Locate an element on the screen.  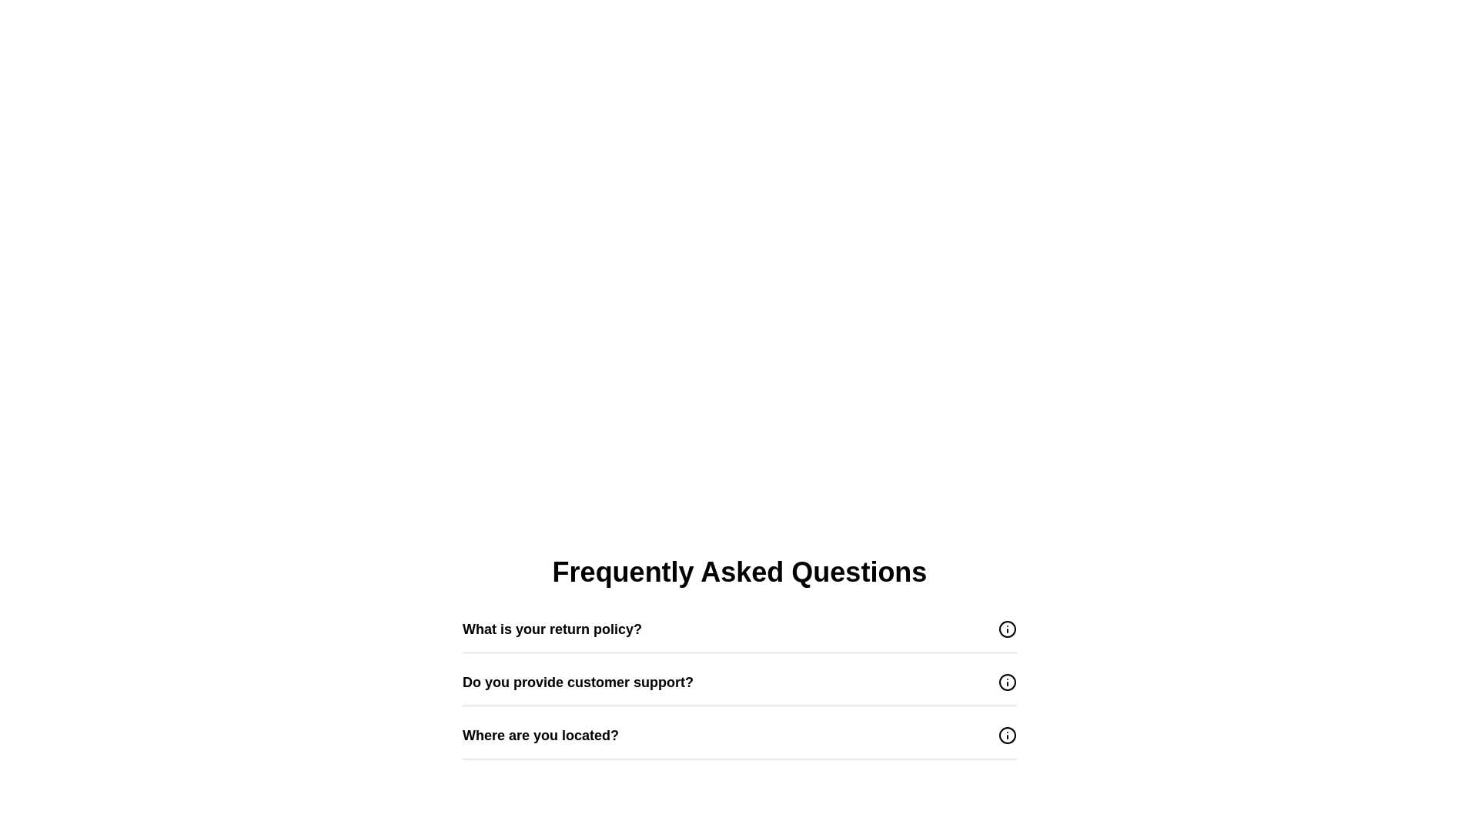
the circular element in the top-right corner of the first FAQ entry, which is part of an SVG icon representing an information icon is located at coordinates (1008, 629).